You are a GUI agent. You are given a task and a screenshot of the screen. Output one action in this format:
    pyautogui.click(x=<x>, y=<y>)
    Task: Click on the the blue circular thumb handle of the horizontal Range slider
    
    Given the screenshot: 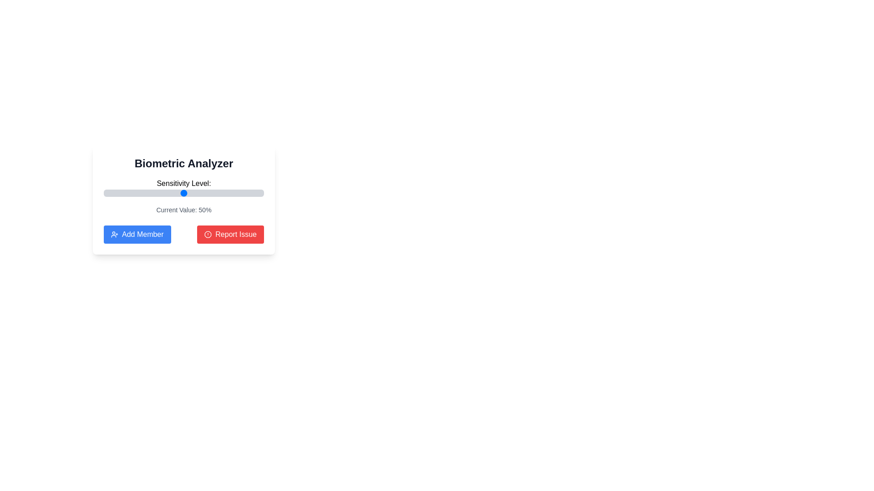 What is the action you would take?
    pyautogui.click(x=183, y=192)
    